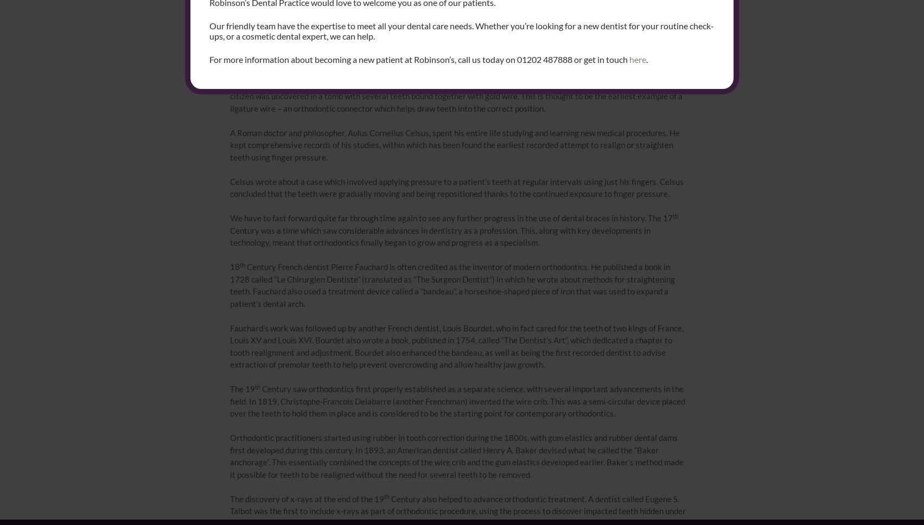  What do you see at coordinates (455, 47) in the screenshot?
I see `'Further on in history, the Etruscans – the predecessors of the Romans – used to bury their dead with dental equipment places in their mouths to ensure their teeth did not collapse before reaching the afterlife. It may not have helped them much when they were alive, but it shows a growing understanding of the importance of straight and well-maintained teeth.'` at bounding box center [455, 47].